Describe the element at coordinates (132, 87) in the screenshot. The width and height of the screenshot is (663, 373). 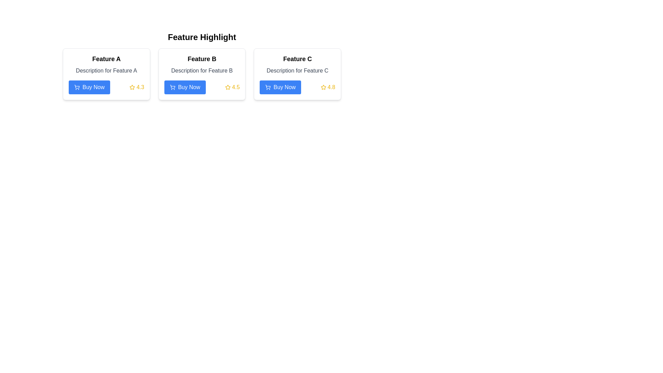
I see `the rating icon located next to the score text '4.5' in the rating area of the 'Feature B' card to provide a clear understanding of user ratings` at that location.